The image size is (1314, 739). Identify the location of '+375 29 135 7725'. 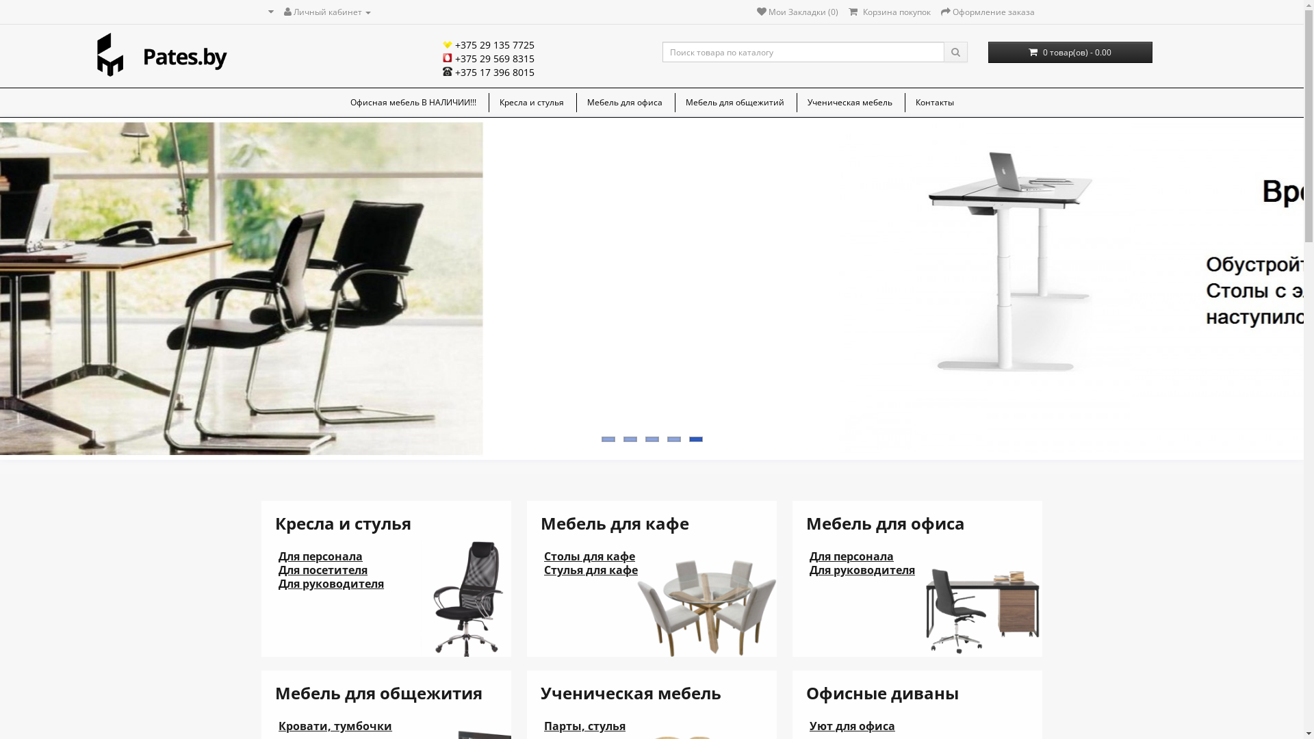
(489, 44).